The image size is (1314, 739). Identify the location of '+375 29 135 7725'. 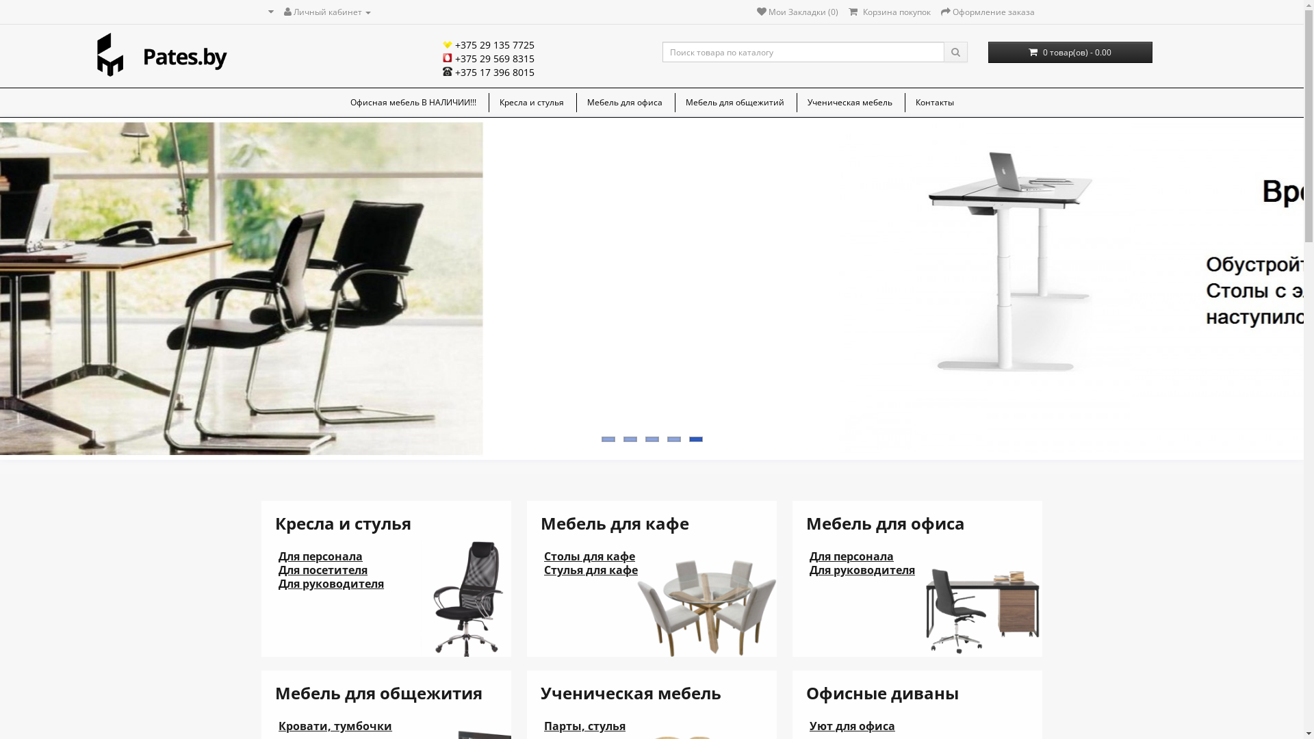
(489, 44).